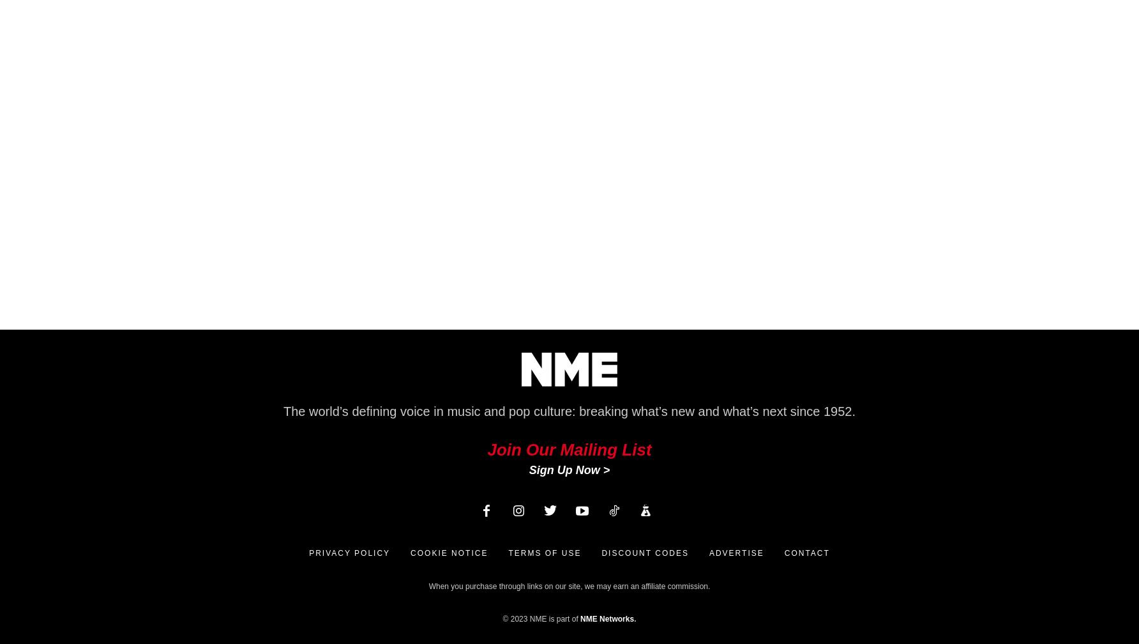 The image size is (1139, 644). What do you see at coordinates (735, 553) in the screenshot?
I see `'Advertise'` at bounding box center [735, 553].